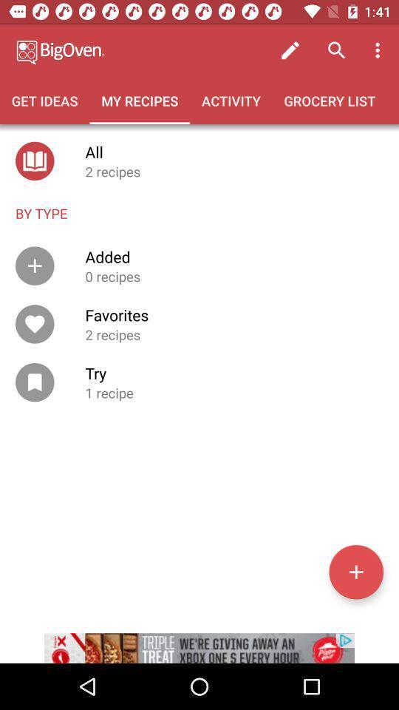 This screenshot has width=399, height=710. I want to click on the add icon, so click(355, 571).